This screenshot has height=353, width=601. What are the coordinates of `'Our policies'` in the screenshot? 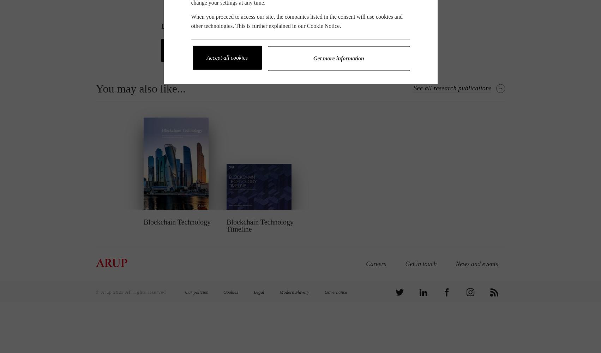 It's located at (196, 292).